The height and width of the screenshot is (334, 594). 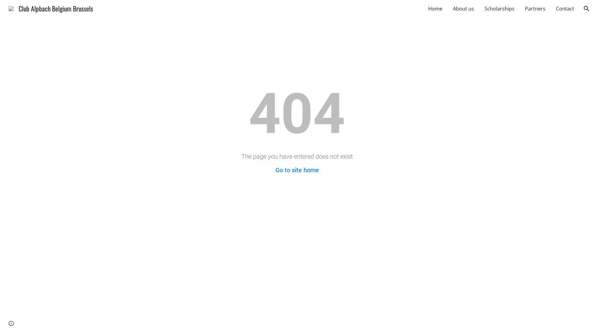 What do you see at coordinates (435, 8) in the screenshot?
I see `'Home'` at bounding box center [435, 8].